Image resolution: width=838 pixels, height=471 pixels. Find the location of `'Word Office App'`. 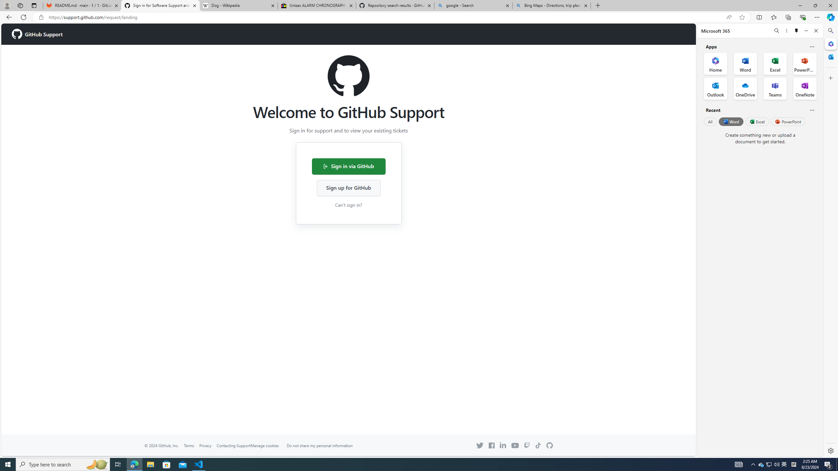

'Word Office App' is located at coordinates (745, 64).